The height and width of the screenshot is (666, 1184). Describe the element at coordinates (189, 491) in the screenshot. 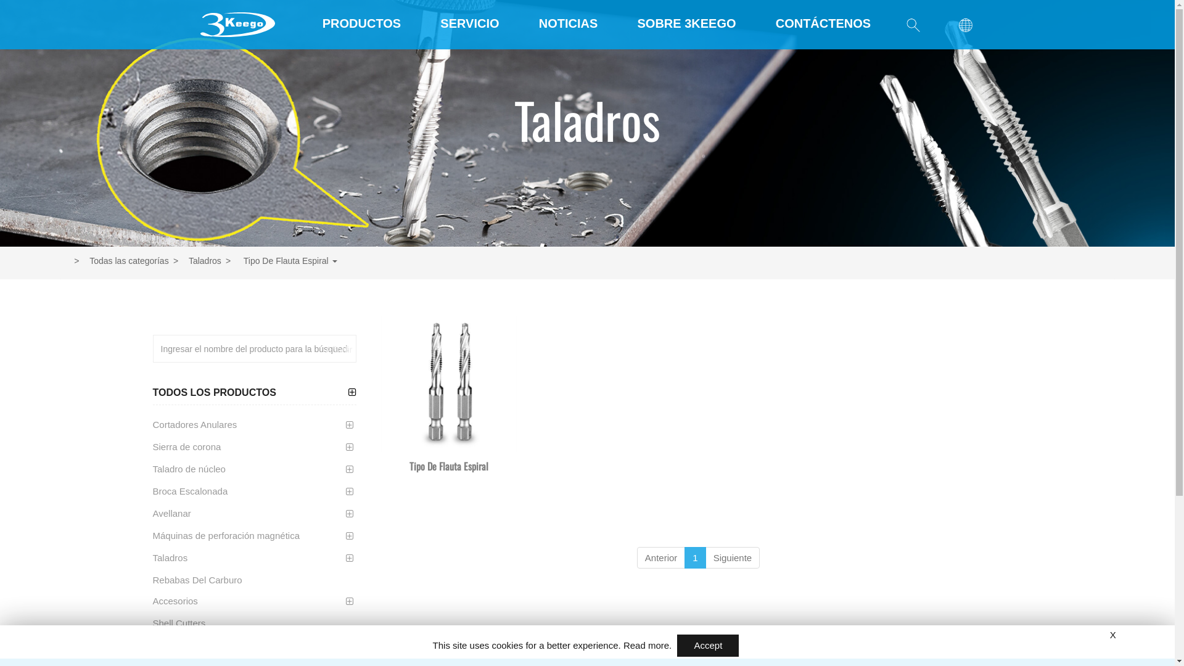

I see `'Broca Escalonada'` at that location.